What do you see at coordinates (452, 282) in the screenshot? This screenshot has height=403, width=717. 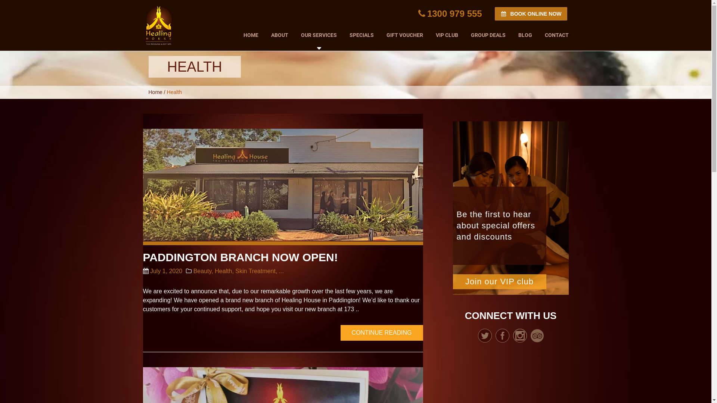 I see `'Join our VIP club'` at bounding box center [452, 282].